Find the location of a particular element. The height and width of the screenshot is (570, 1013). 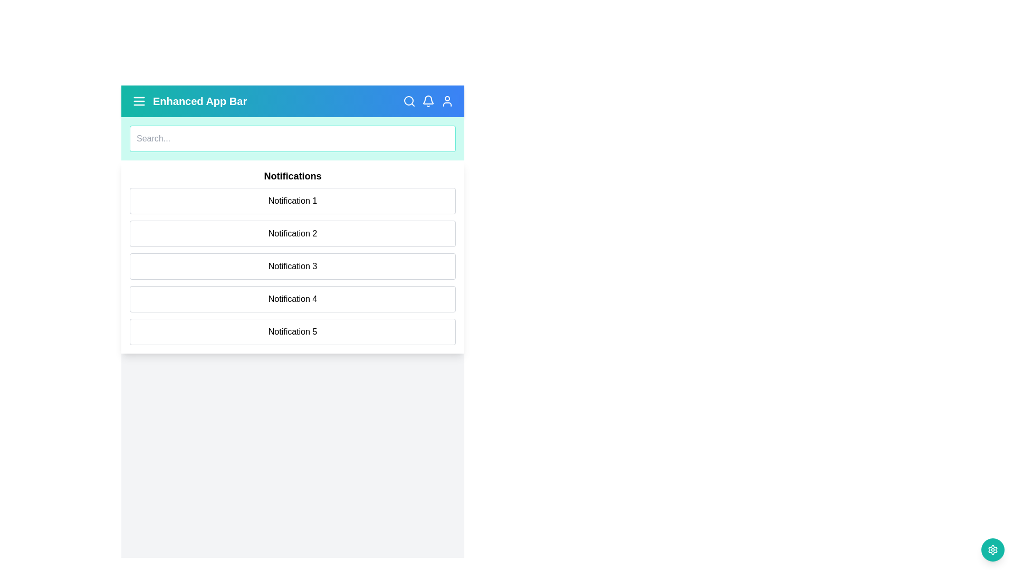

the bell icon to toggle the notification panel is located at coordinates (428, 101).